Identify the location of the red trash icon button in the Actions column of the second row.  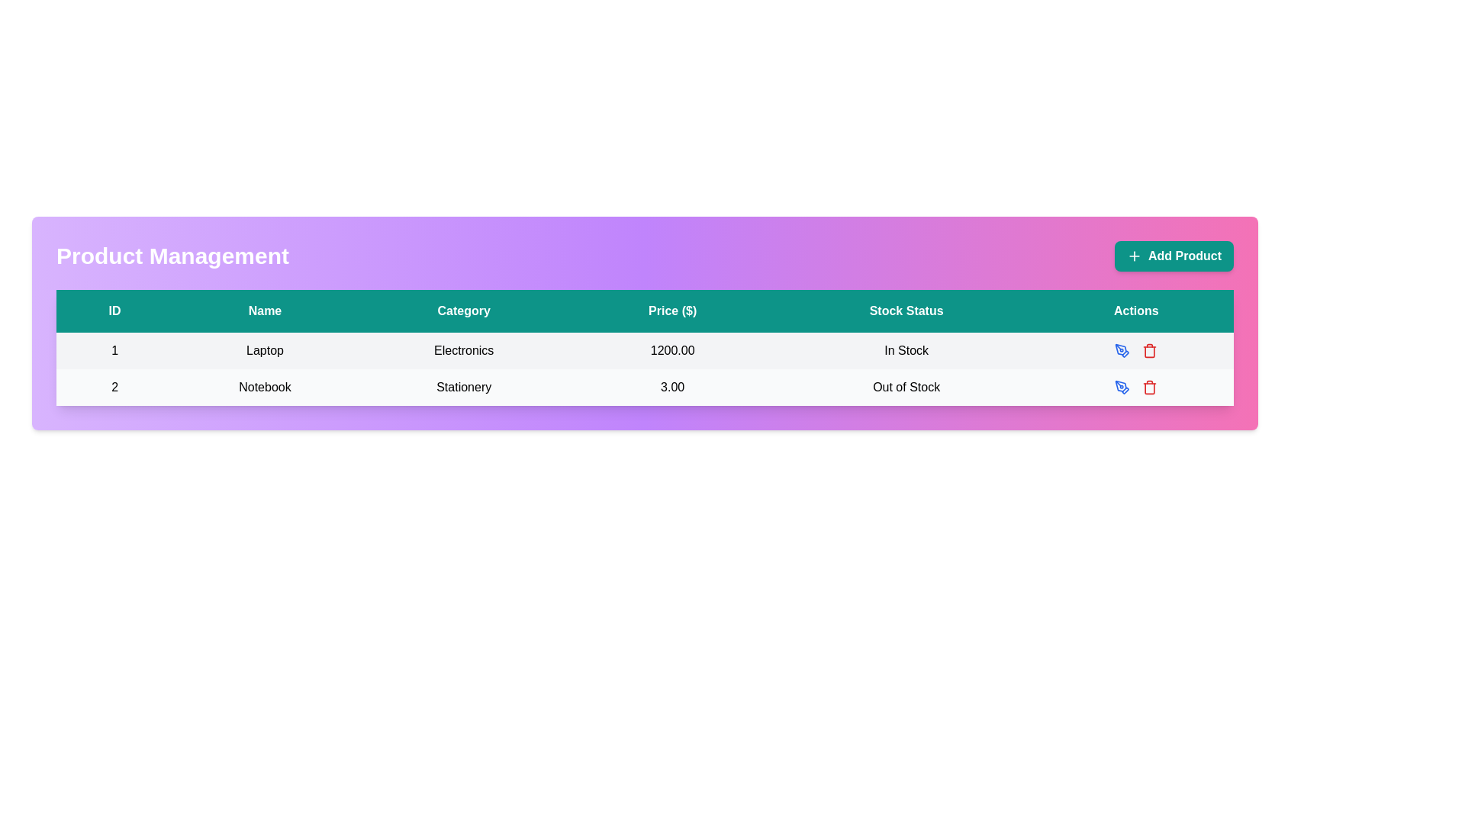
(1150, 350).